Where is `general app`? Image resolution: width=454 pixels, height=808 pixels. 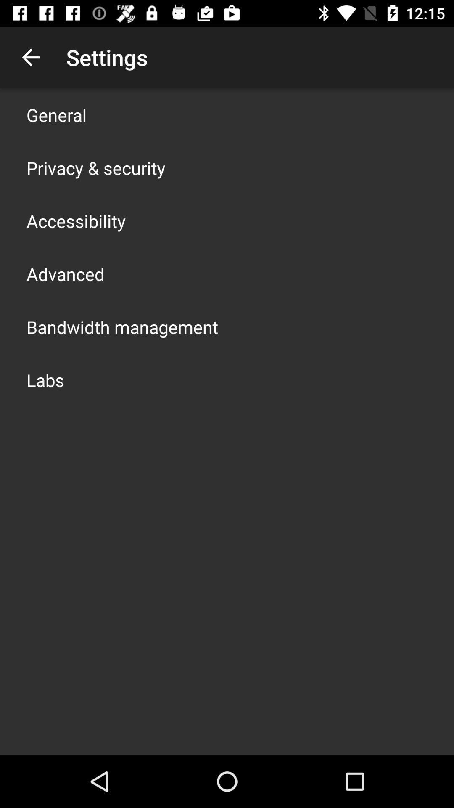 general app is located at coordinates (56, 114).